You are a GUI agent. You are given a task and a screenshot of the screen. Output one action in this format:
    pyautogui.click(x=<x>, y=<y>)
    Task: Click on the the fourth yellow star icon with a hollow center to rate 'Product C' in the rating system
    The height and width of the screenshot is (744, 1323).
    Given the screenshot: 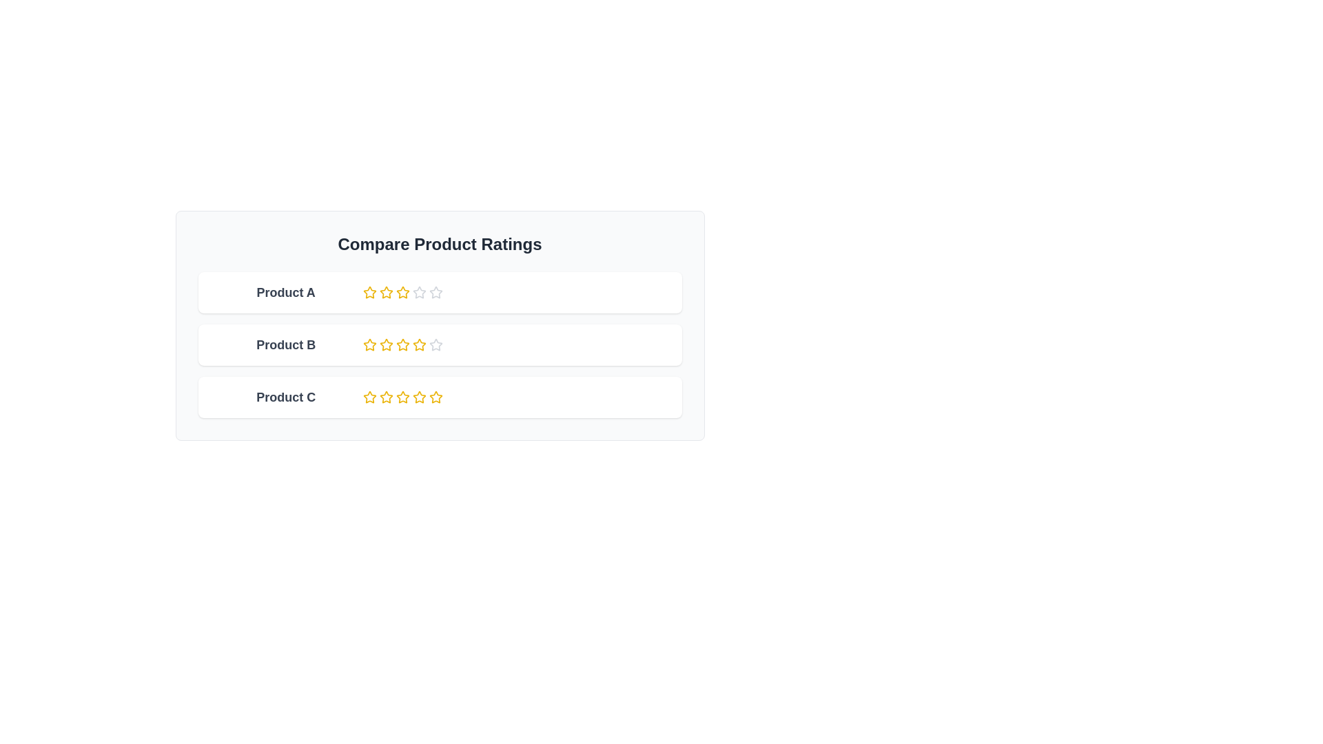 What is the action you would take?
    pyautogui.click(x=418, y=397)
    